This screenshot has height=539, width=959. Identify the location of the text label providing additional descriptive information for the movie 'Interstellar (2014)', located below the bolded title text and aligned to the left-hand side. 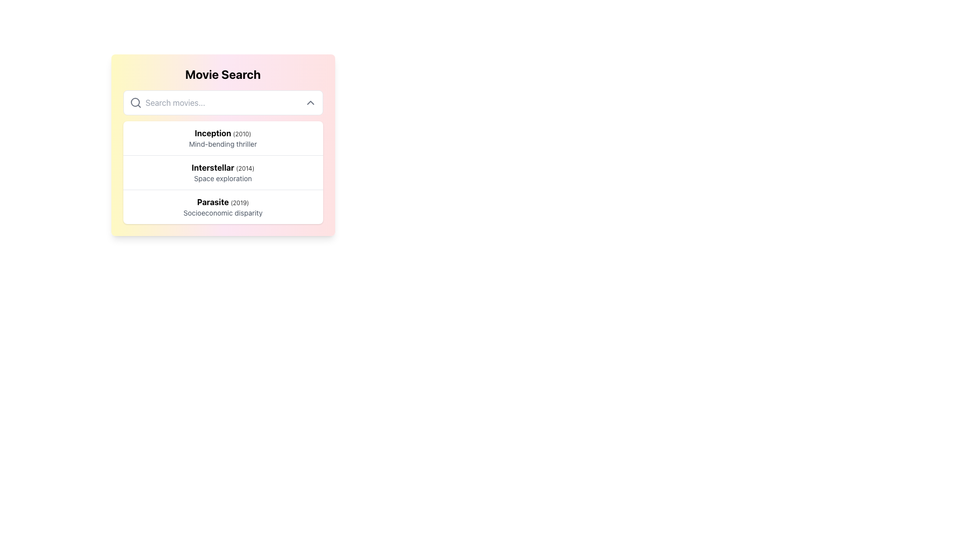
(222, 178).